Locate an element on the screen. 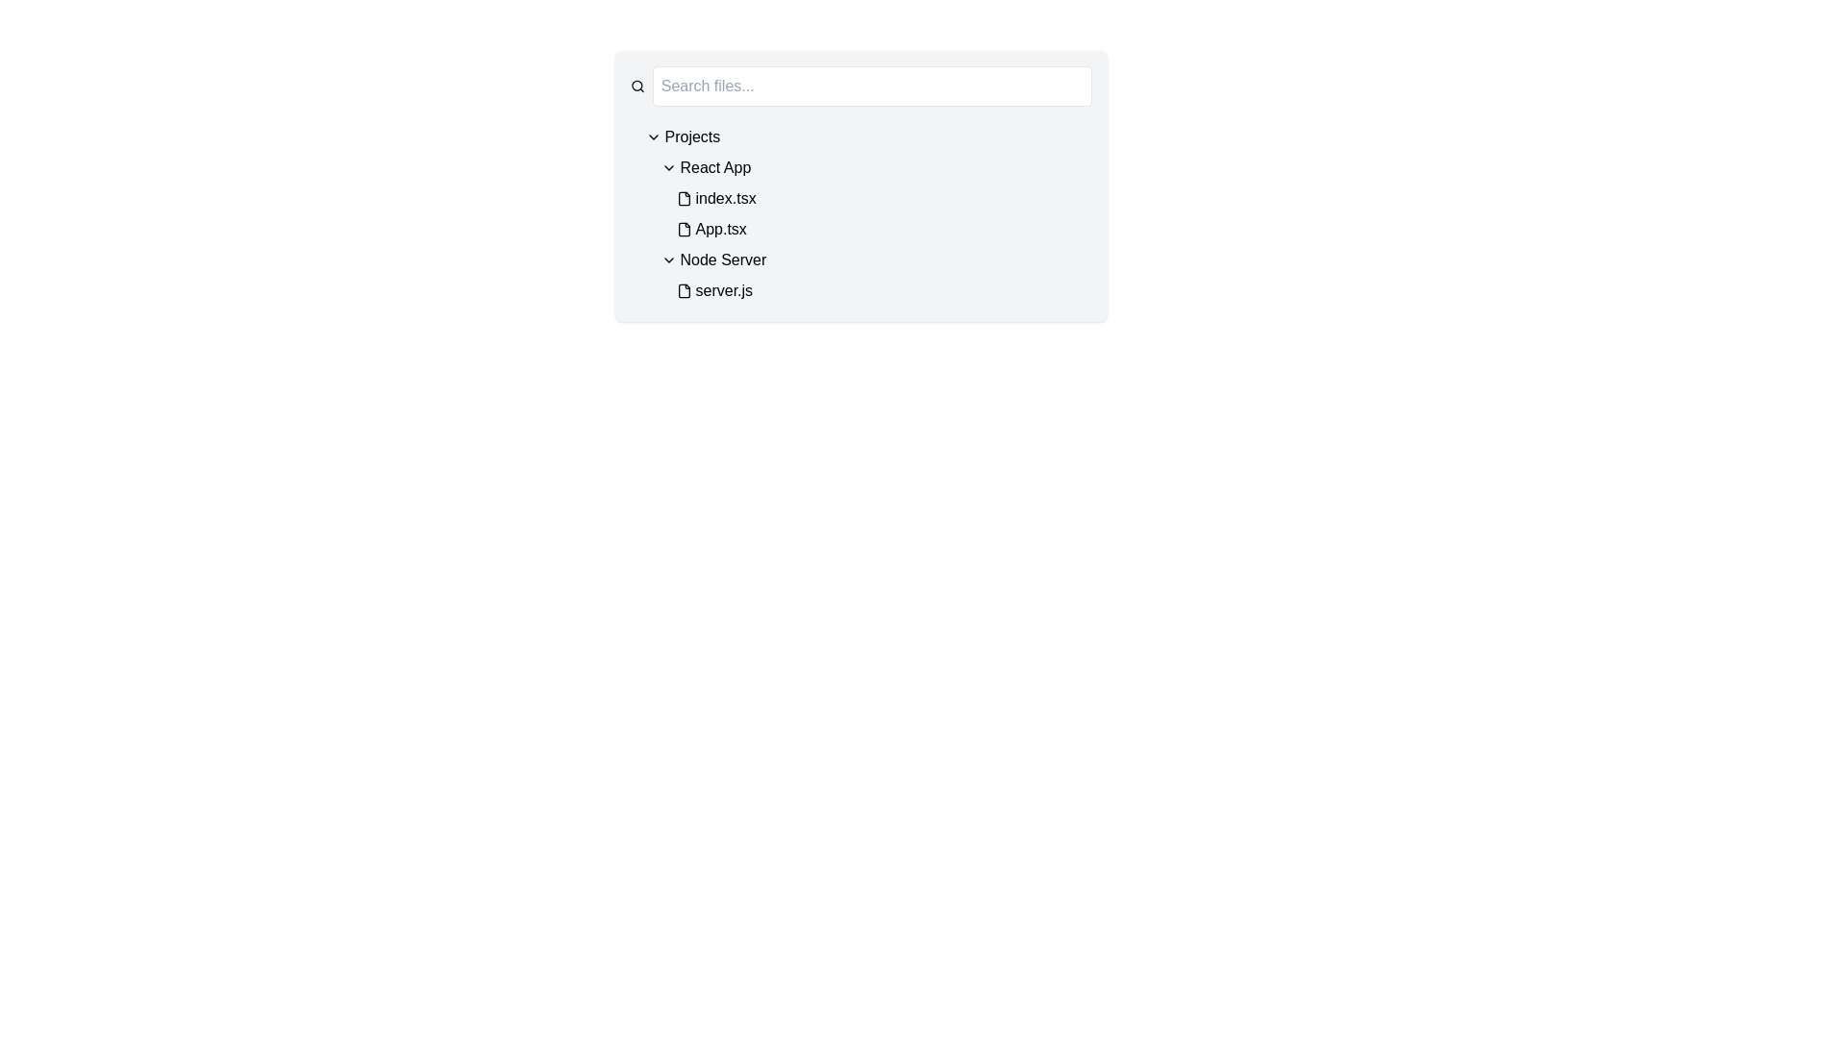  the Decorative vector icon that represents the 'Node Server' in the file tree, which is located directly to the left of the text 'Node Server' is located at coordinates (684, 291).